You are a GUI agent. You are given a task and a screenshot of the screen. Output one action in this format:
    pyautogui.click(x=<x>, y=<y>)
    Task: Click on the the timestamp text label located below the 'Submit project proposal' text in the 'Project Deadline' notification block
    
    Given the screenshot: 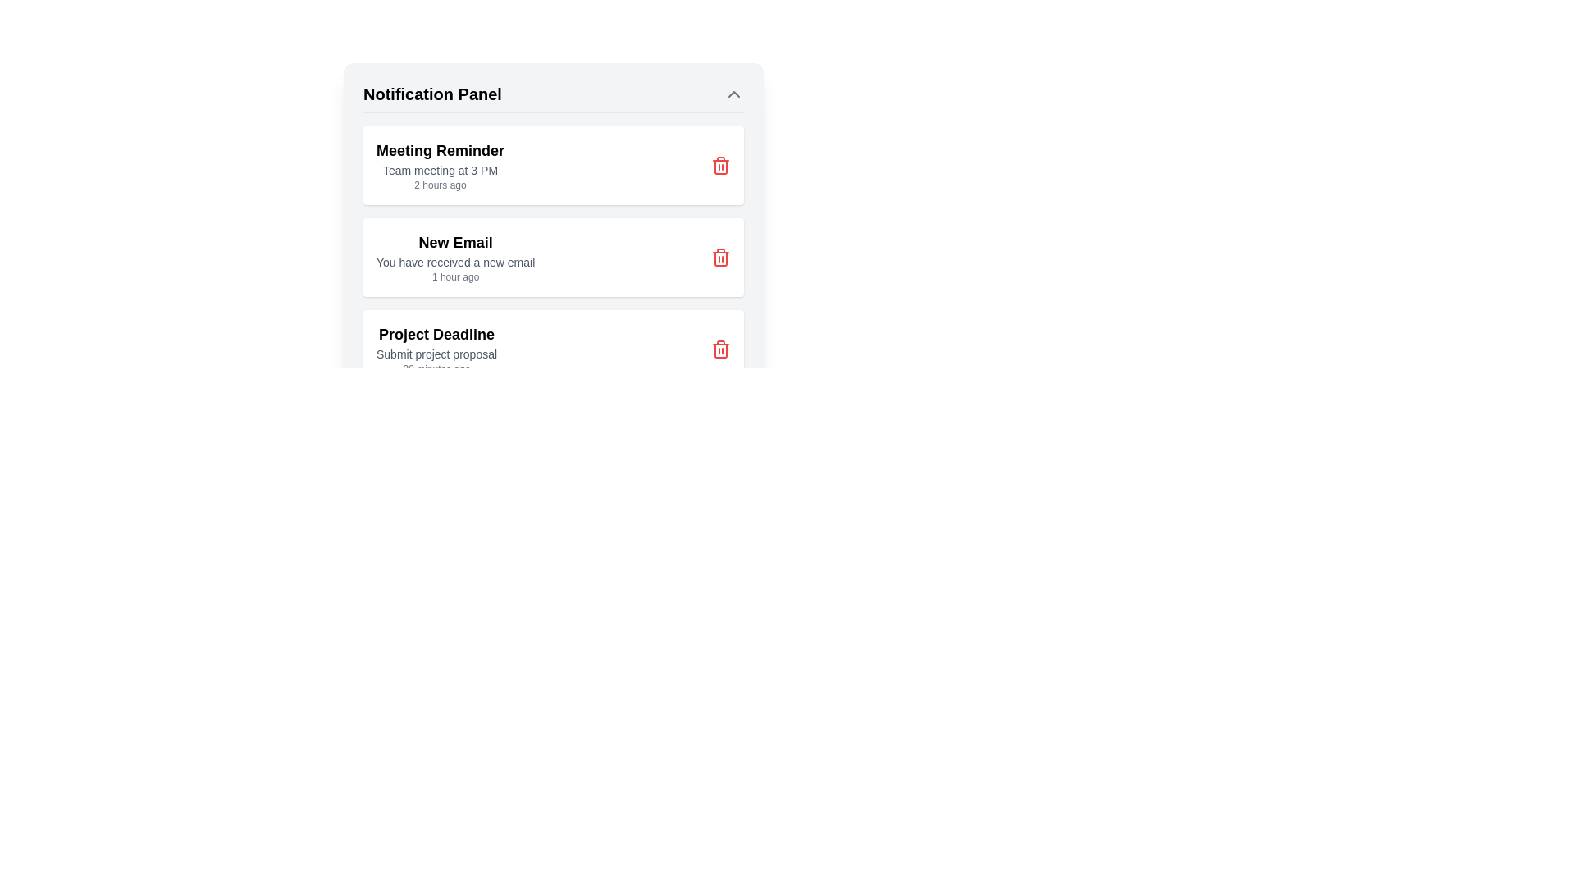 What is the action you would take?
    pyautogui.click(x=436, y=369)
    